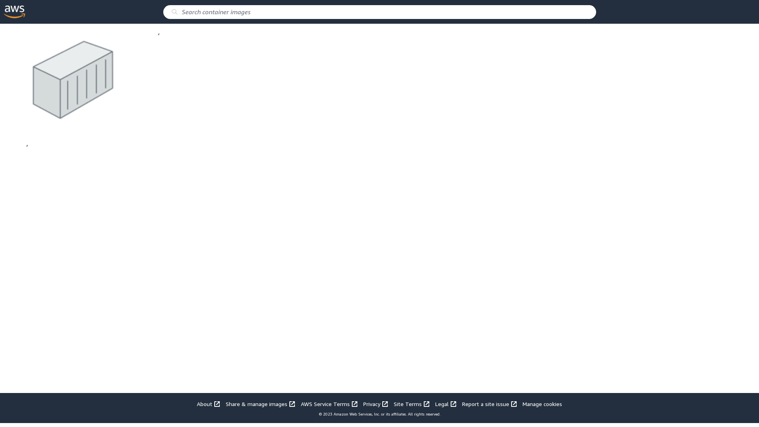  Describe the element at coordinates (409, 404) in the screenshot. I see `'Site Terms '` at that location.